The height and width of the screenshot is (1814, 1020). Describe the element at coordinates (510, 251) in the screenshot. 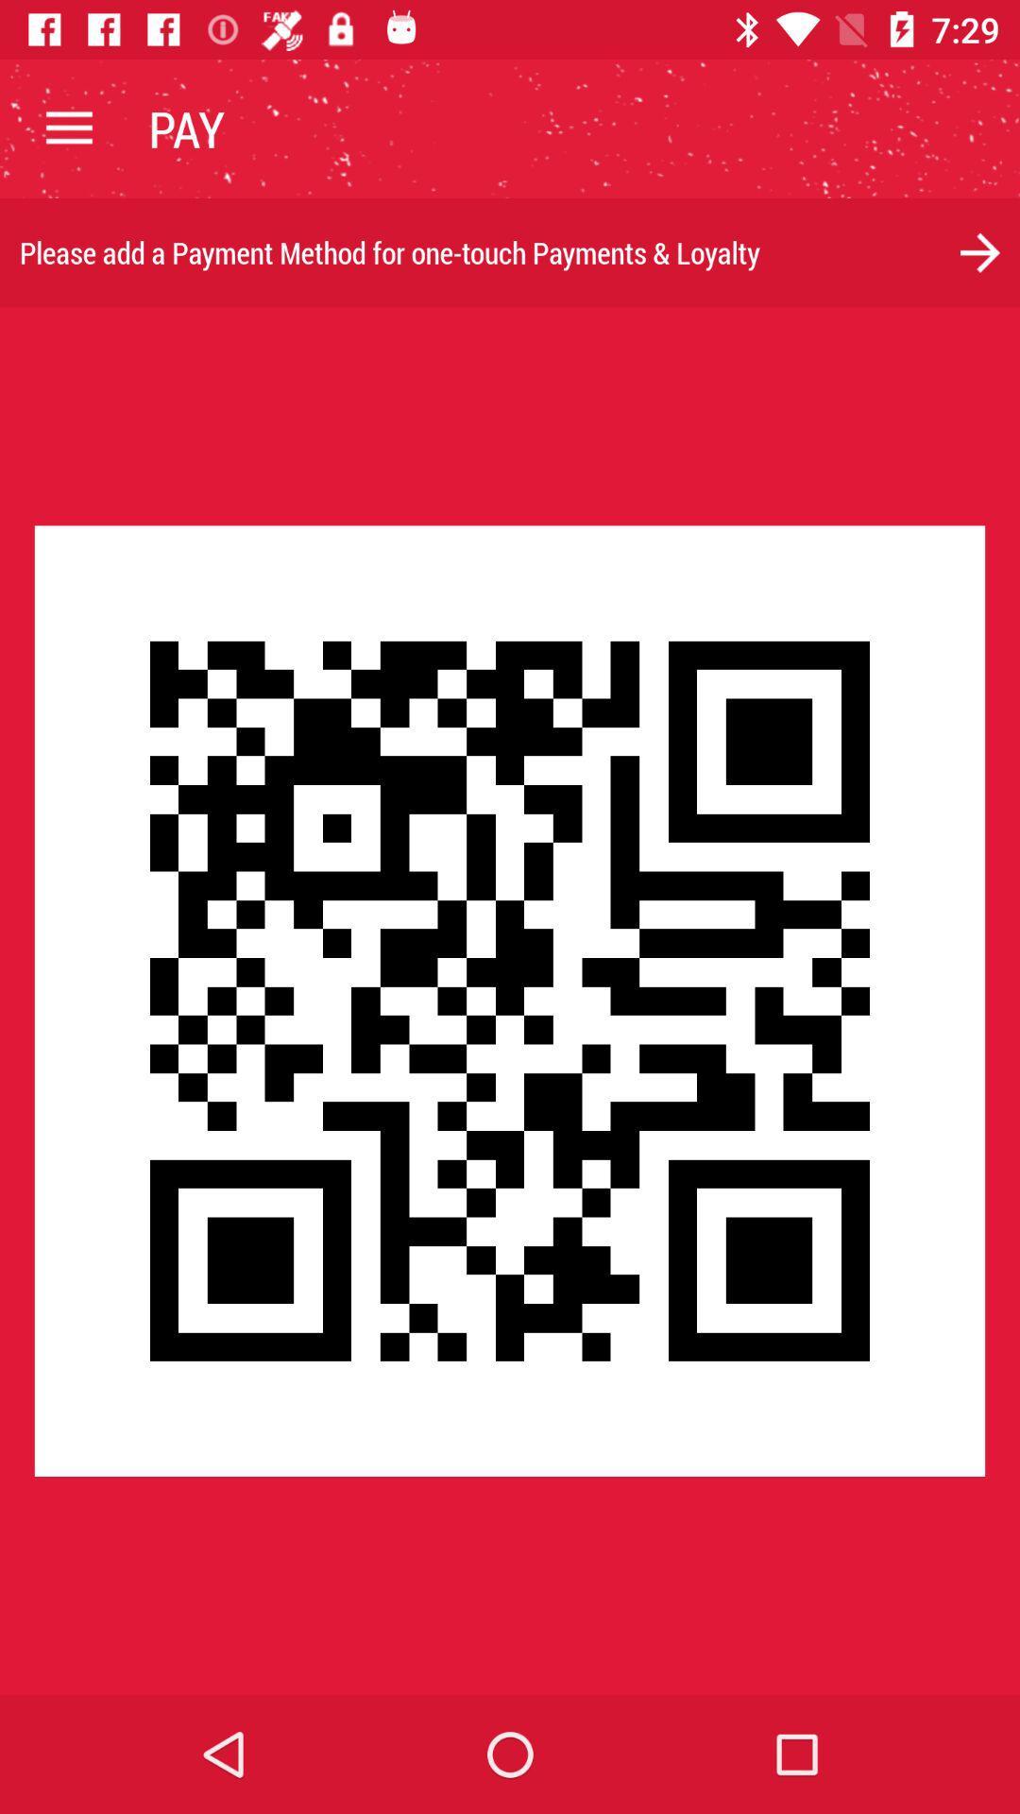

I see `please add a item` at that location.